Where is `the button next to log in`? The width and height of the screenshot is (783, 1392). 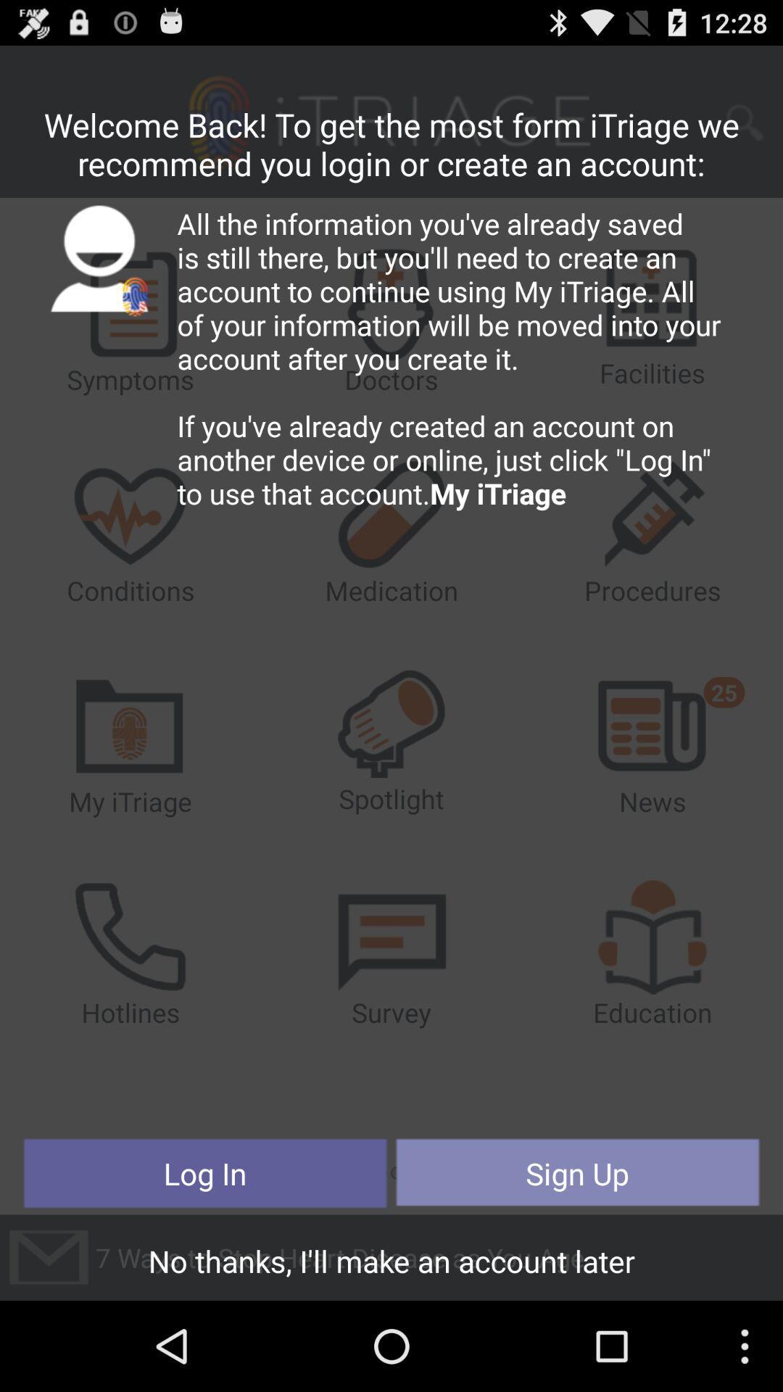
the button next to log in is located at coordinates (576, 1173).